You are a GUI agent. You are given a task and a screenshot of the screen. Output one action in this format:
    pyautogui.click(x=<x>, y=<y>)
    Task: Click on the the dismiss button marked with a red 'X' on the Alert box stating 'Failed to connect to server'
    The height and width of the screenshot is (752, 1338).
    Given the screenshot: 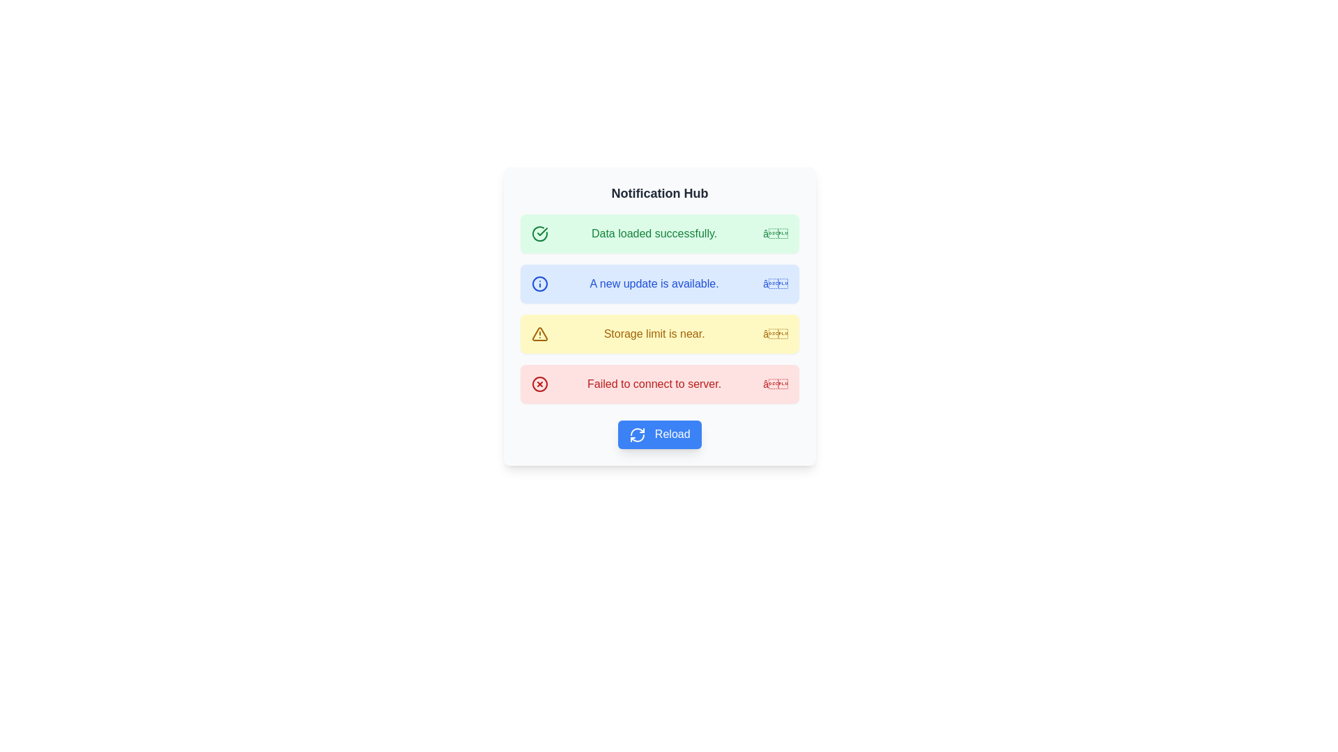 What is the action you would take?
    pyautogui.click(x=659, y=384)
    